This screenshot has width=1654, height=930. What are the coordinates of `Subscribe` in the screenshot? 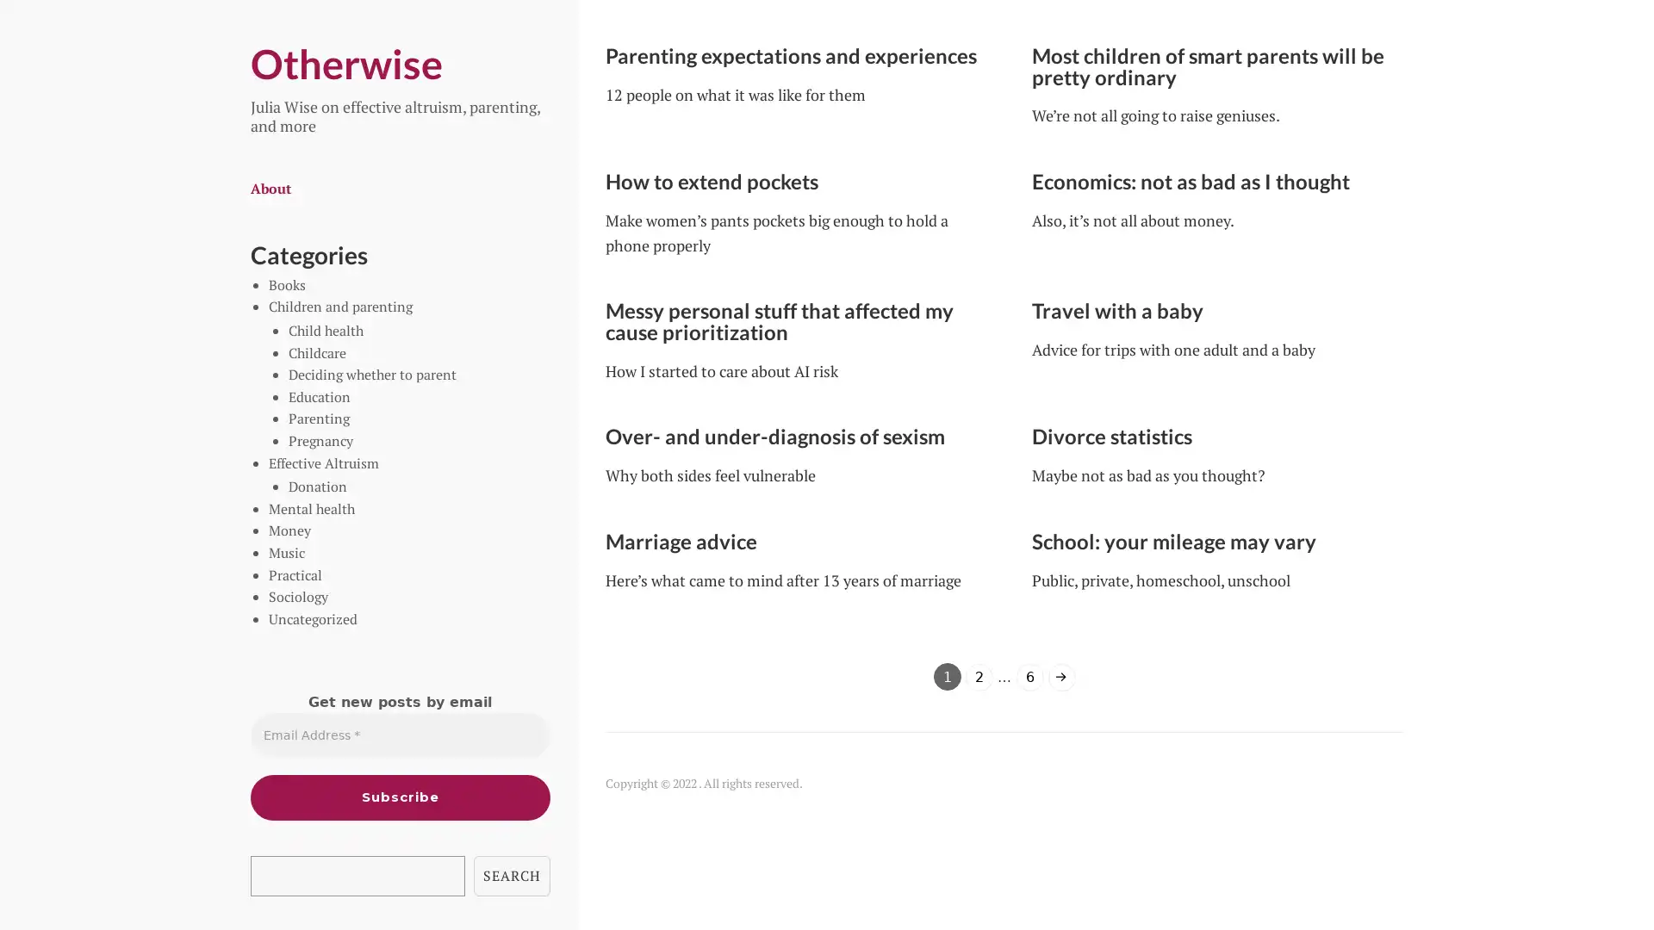 It's located at (399, 797).